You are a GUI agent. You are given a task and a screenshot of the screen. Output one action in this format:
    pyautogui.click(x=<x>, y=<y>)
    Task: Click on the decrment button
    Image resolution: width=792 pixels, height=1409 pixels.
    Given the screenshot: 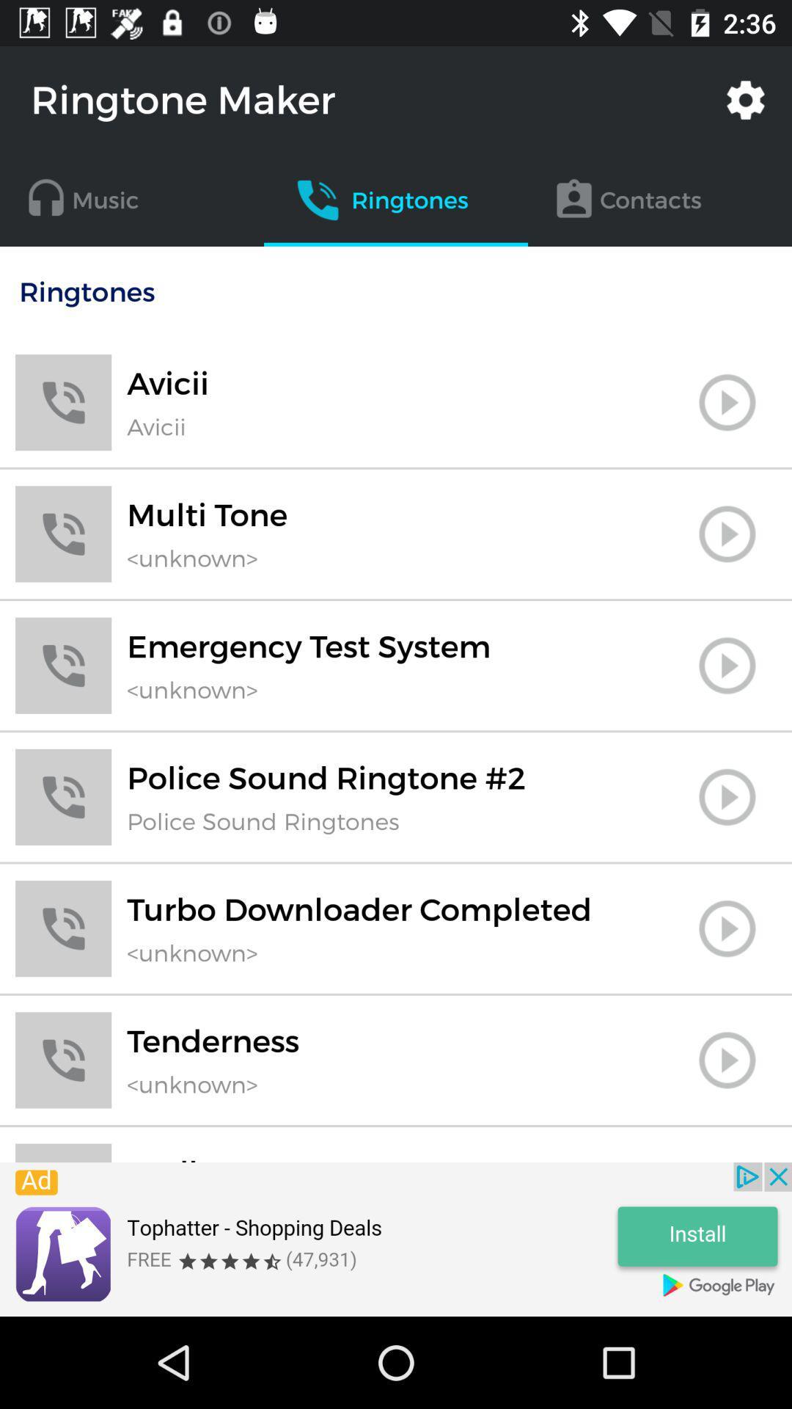 What is the action you would take?
    pyautogui.click(x=727, y=1159)
    